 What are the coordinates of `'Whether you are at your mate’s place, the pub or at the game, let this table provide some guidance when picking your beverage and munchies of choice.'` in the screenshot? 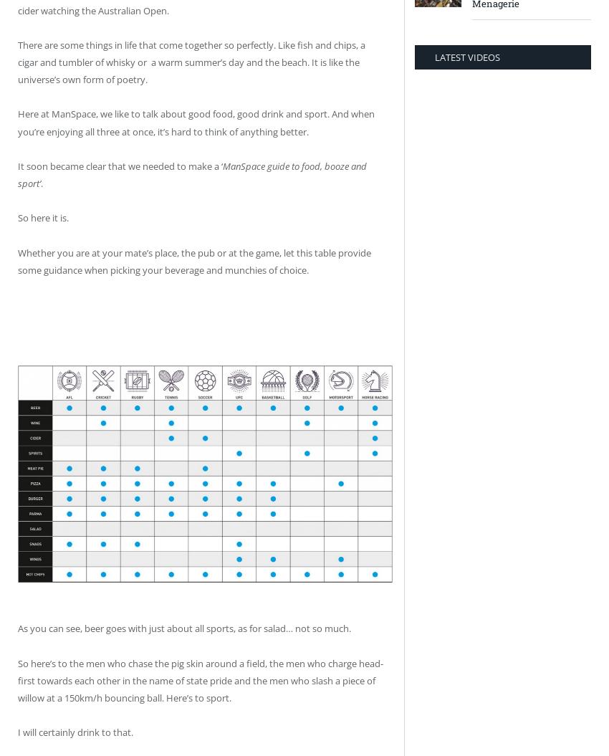 It's located at (193, 260).